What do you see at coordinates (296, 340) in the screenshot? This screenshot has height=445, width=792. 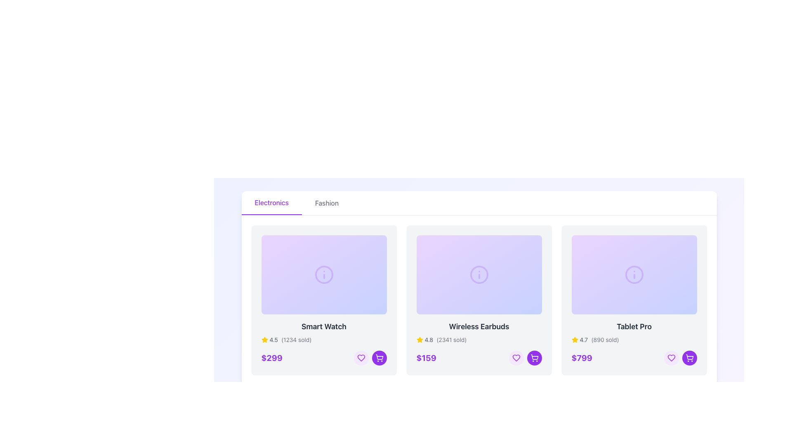 I see `the text label indicating the number of units sold for the product, located under the product image within the first product card, following the rating value (4.5)` at bounding box center [296, 340].